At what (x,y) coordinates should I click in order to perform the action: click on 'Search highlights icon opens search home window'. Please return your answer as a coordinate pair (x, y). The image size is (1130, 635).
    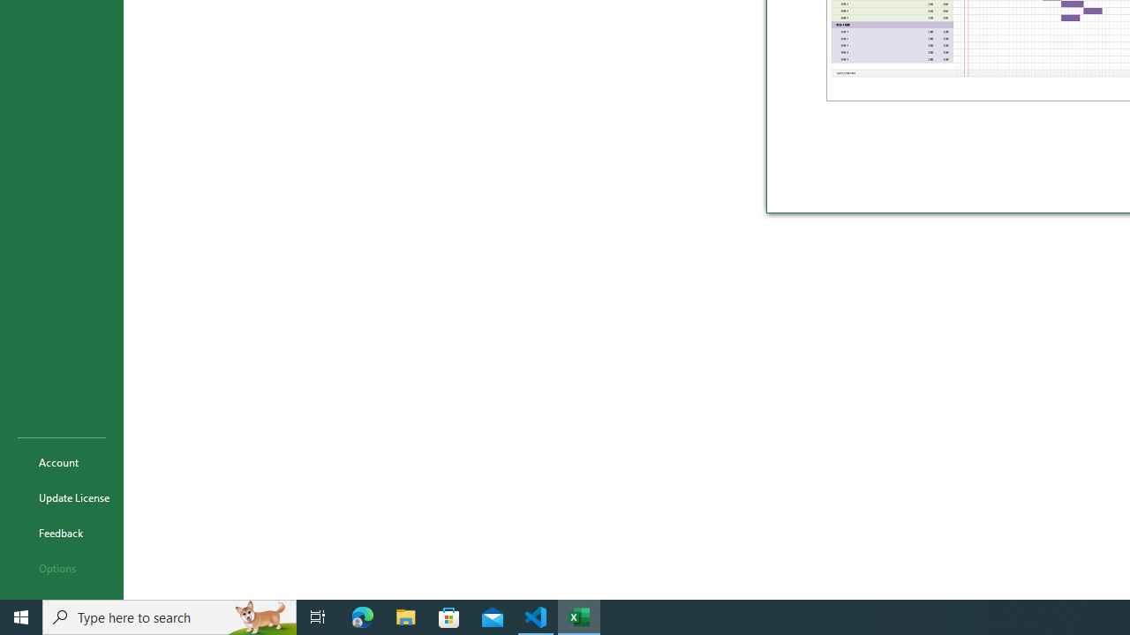
    Looking at the image, I should click on (260, 616).